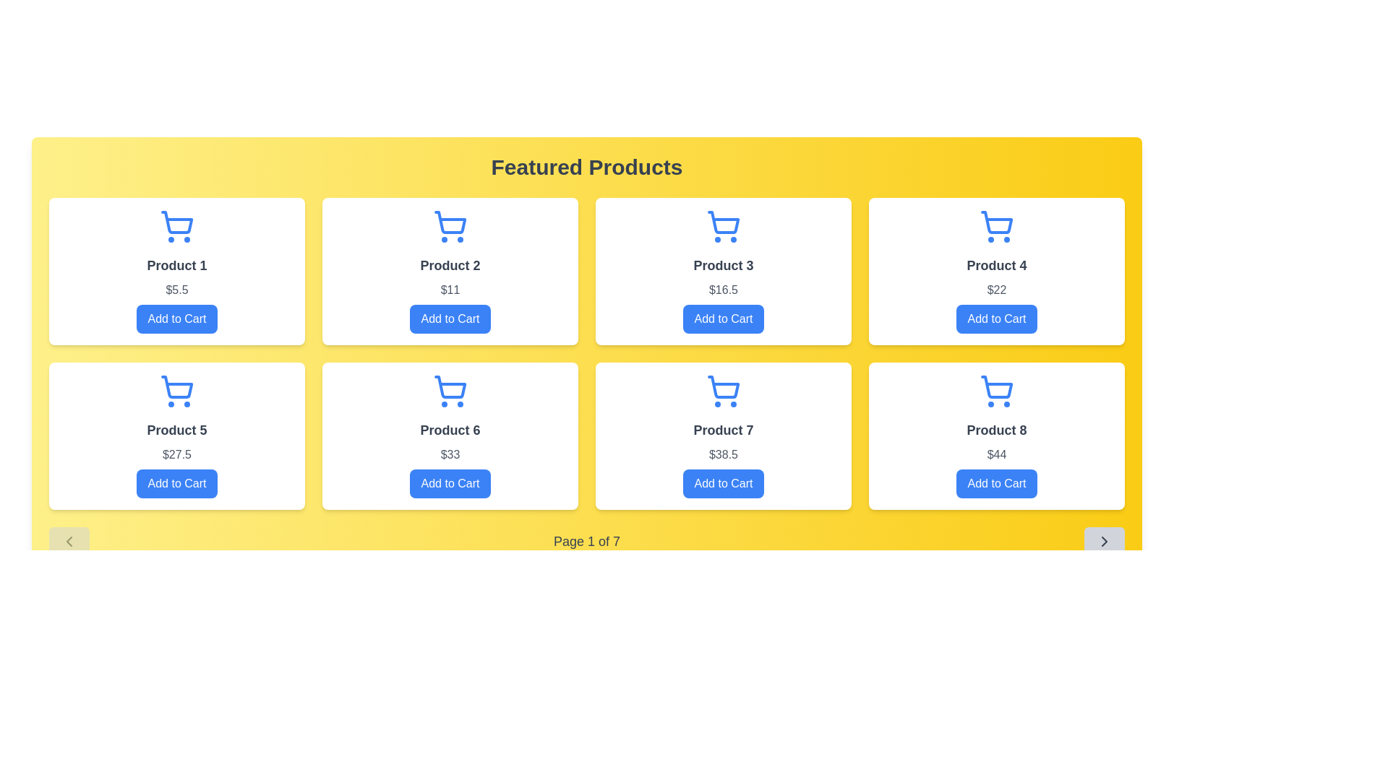  Describe the element at coordinates (450, 430) in the screenshot. I see `the bold text label 'Product 6' which is centrally aligned within a white card in the second row and third column of a grid layout` at that location.